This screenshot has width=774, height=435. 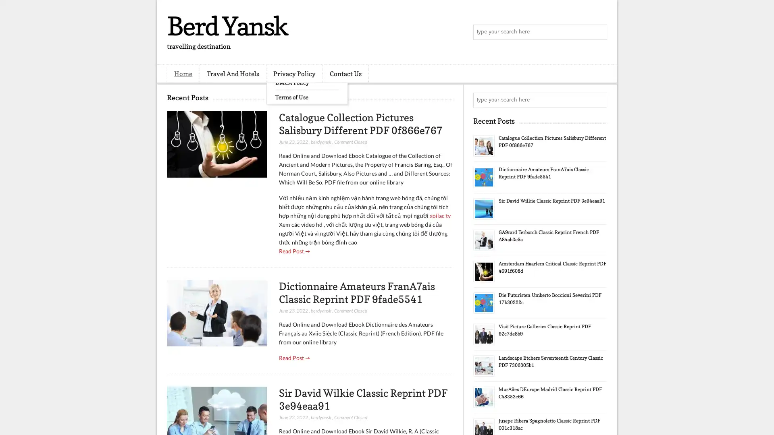 What do you see at coordinates (599, 100) in the screenshot?
I see `Search` at bounding box center [599, 100].